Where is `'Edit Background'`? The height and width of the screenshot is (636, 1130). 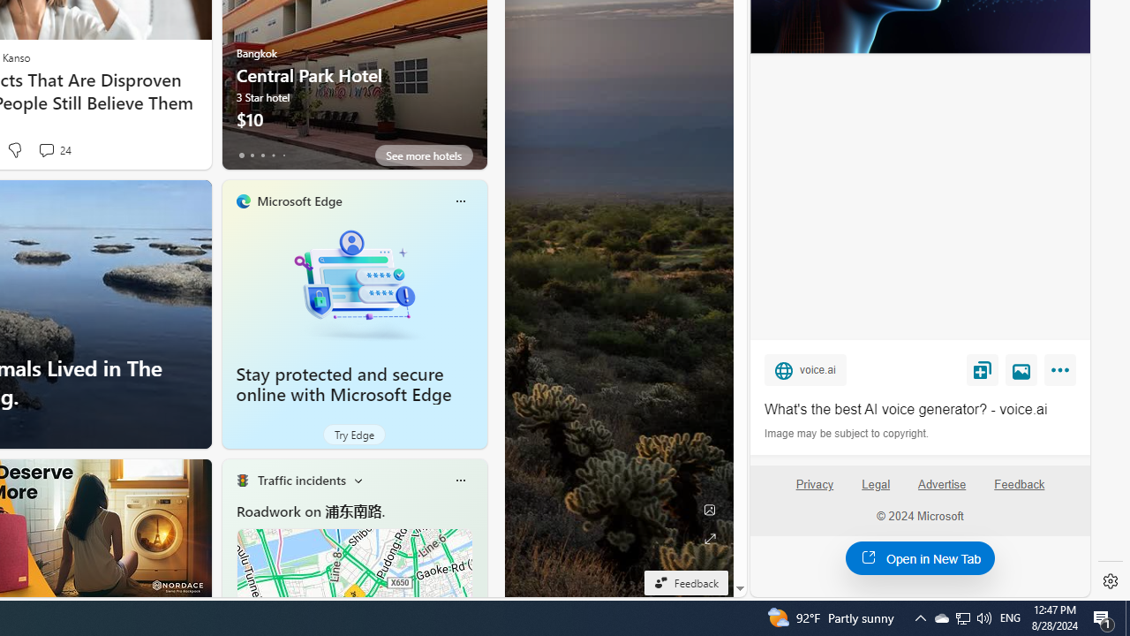
'Edit Background' is located at coordinates (709, 510).